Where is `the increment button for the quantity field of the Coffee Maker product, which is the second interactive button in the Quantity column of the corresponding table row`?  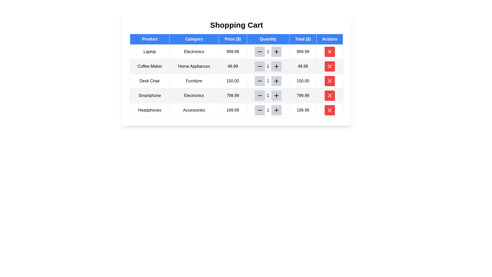 the increment button for the quantity field of the Coffee Maker product, which is the second interactive button in the Quantity column of the corresponding table row is located at coordinates (276, 66).